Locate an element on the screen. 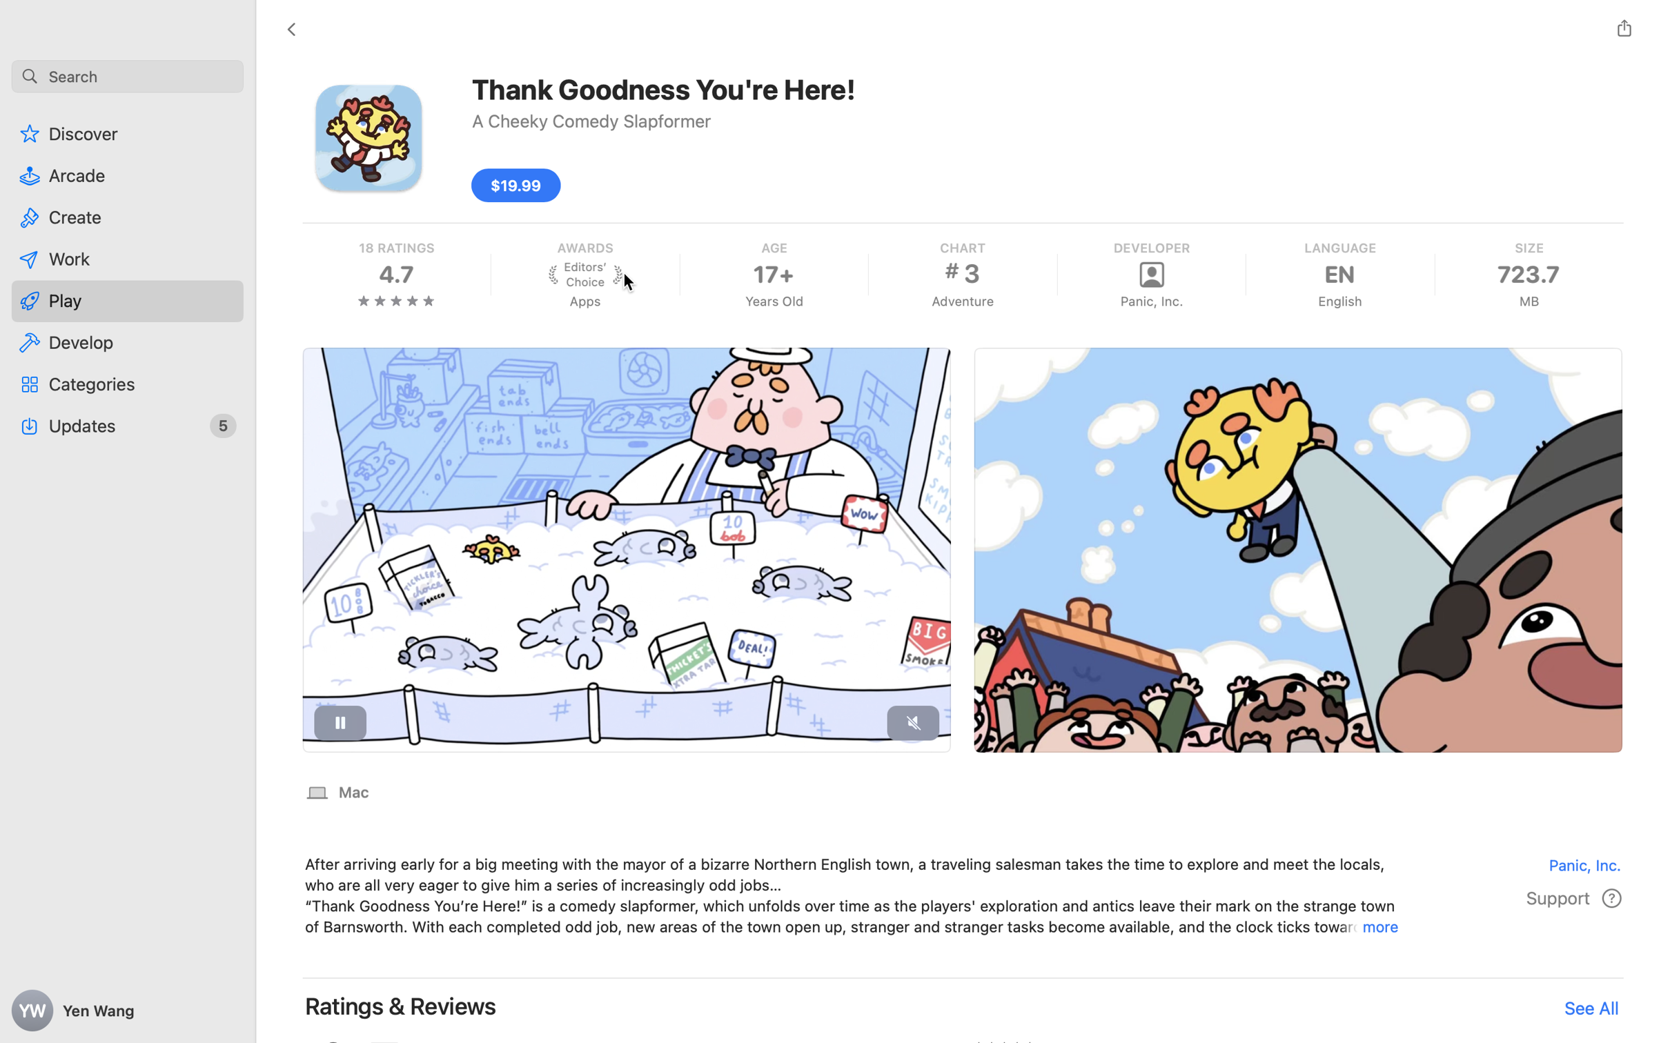  'CHART' is located at coordinates (963, 247).